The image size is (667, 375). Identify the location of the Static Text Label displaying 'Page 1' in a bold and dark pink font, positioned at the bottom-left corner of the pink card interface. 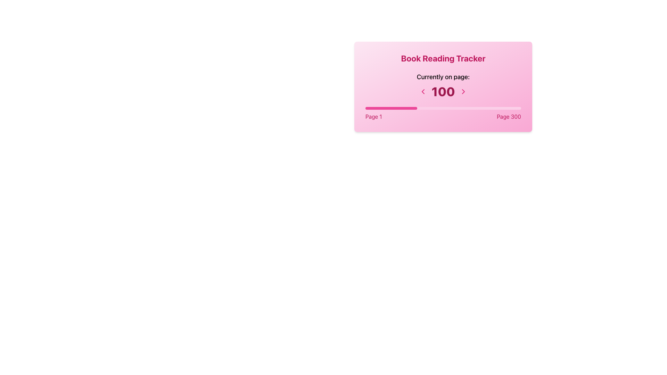
(373, 116).